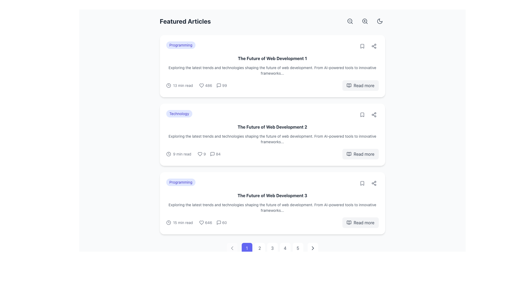 This screenshot has width=510, height=287. What do you see at coordinates (168, 154) in the screenshot?
I see `the SVG Circle element that is part of the clock icon in the details row of the second article` at bounding box center [168, 154].